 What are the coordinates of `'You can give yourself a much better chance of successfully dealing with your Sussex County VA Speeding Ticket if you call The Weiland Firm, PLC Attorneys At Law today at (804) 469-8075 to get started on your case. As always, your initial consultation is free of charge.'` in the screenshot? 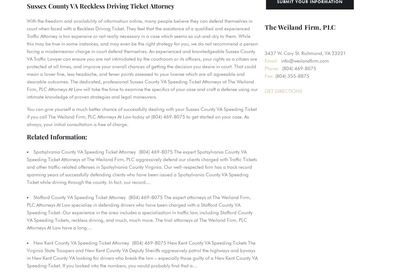 It's located at (142, 117).